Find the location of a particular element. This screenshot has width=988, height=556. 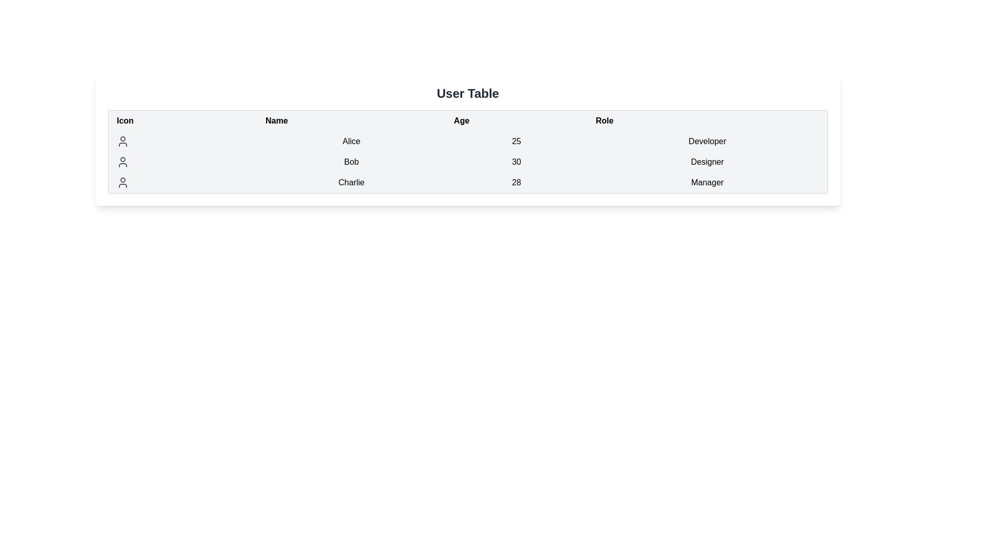

'Age' text label which is the third column header in the table, located between the 'Name' and 'Role' headers is located at coordinates (467, 120).